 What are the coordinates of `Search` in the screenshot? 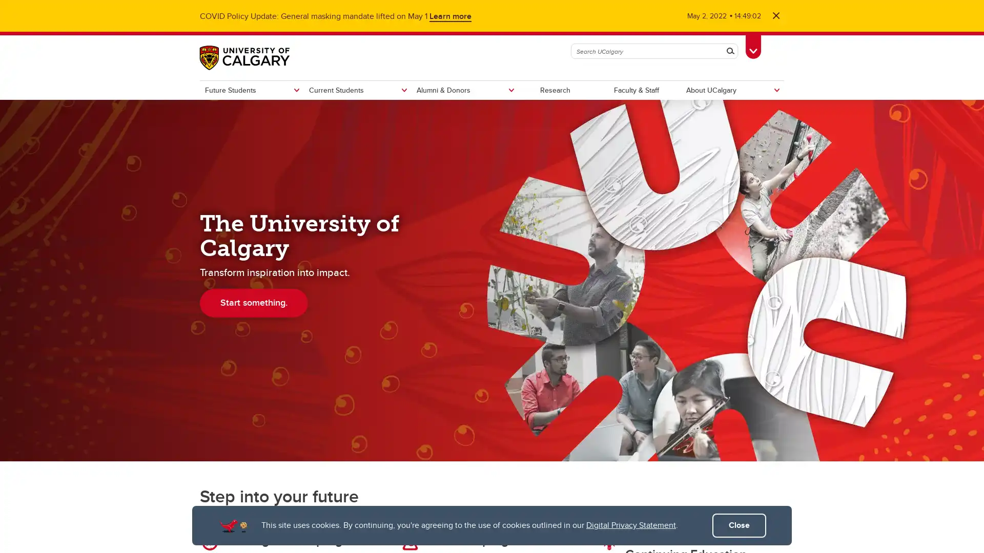 It's located at (730, 51).